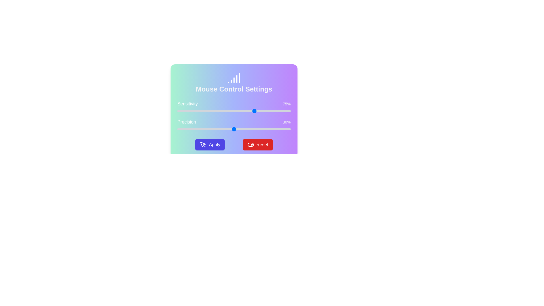  Describe the element at coordinates (234, 78) in the screenshot. I see `the signal-strength meter icon, which is a stylized icon with increasing height bars, located near the top center of the 'Mouse Control Settings' panel above the text 'Mouse Control Settings.'` at that location.